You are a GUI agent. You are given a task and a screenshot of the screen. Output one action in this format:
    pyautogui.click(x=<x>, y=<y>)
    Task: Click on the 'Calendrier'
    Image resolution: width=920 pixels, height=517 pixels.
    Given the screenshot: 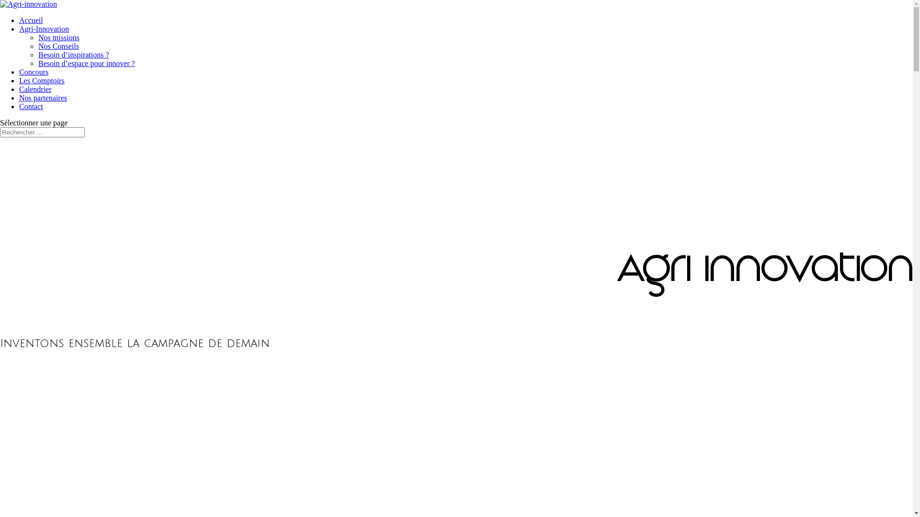 What is the action you would take?
    pyautogui.click(x=35, y=89)
    